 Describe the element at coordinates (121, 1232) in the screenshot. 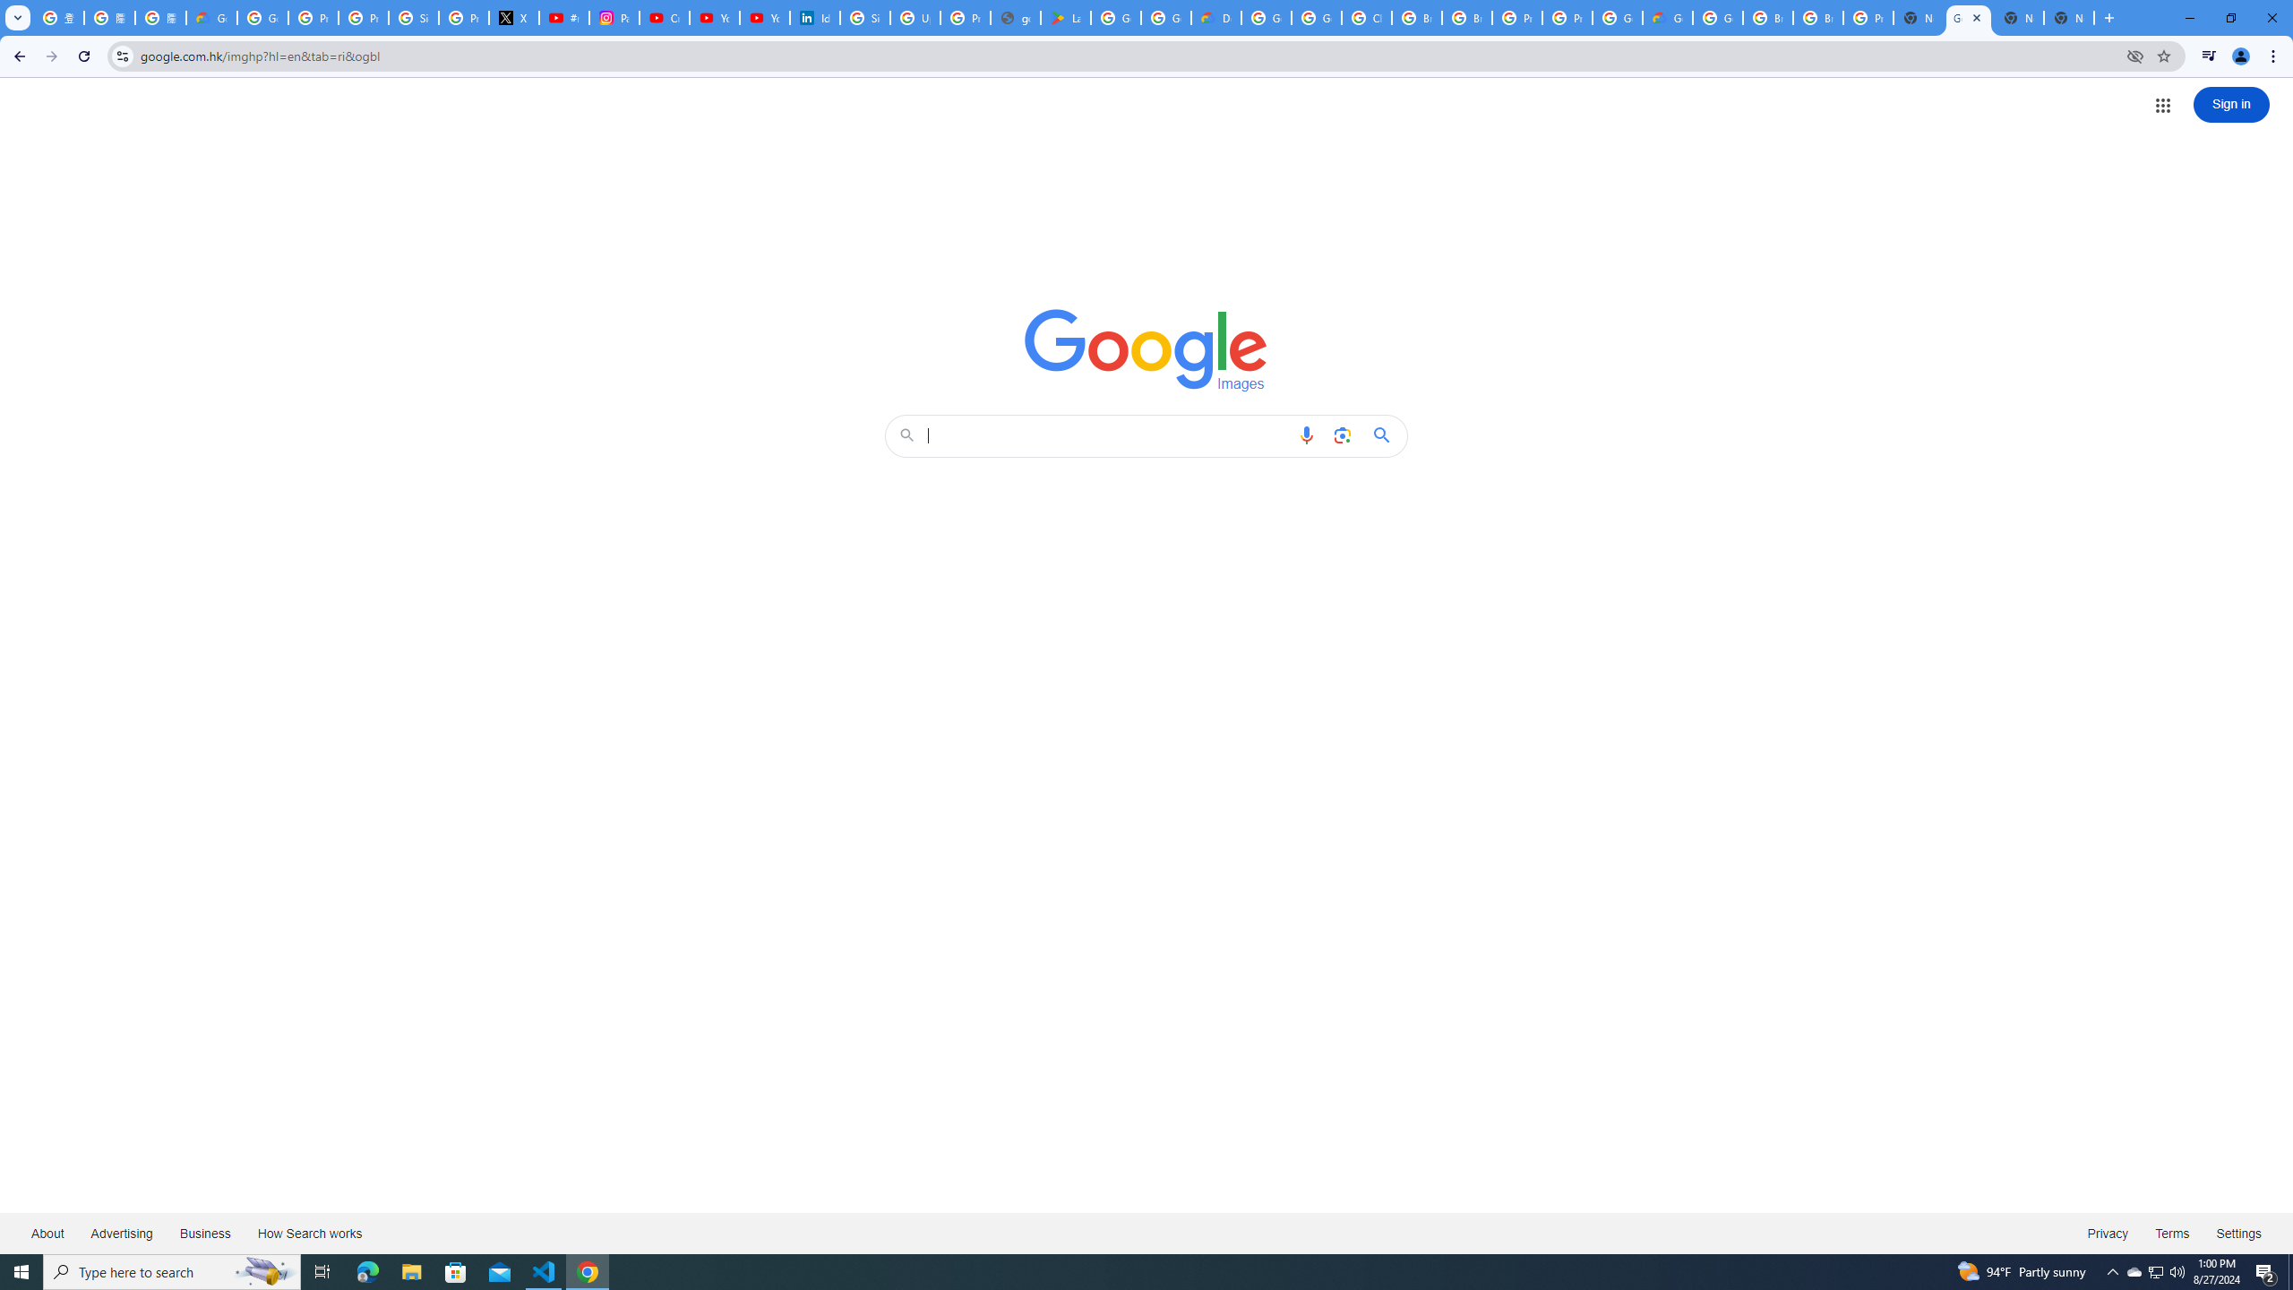

I see `'Advertising'` at that location.